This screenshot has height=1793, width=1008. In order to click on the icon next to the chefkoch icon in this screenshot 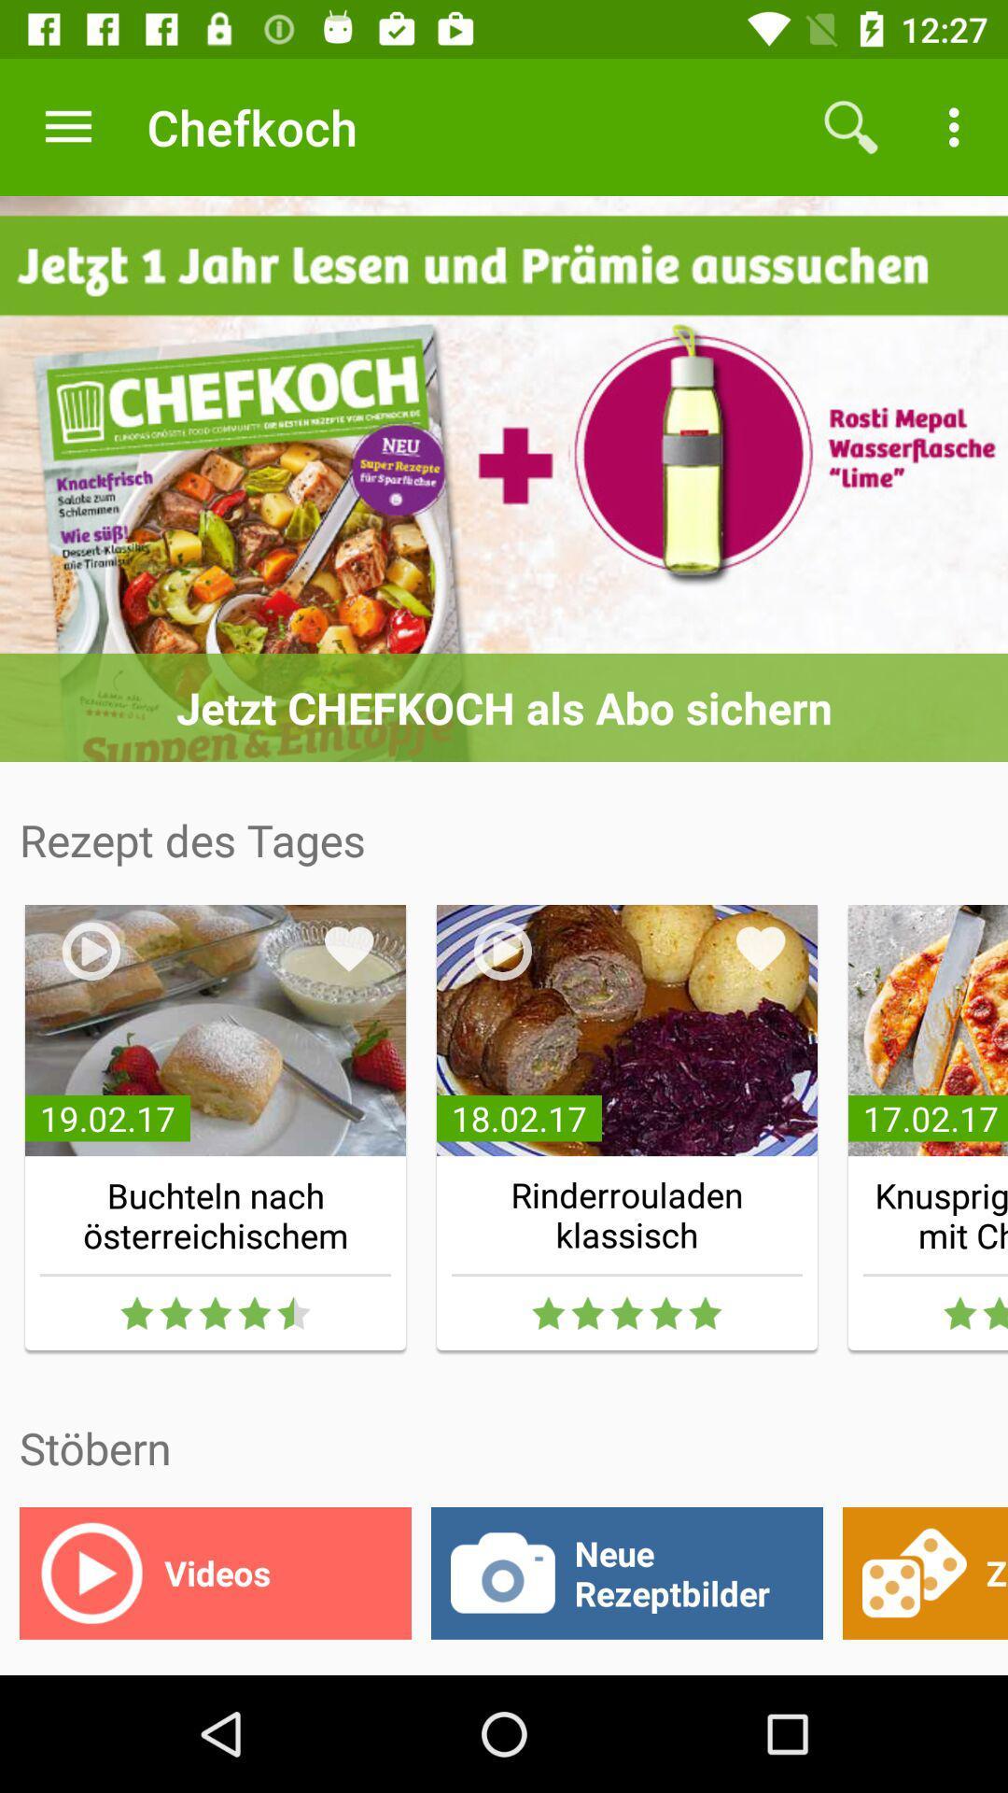, I will do `click(67, 126)`.